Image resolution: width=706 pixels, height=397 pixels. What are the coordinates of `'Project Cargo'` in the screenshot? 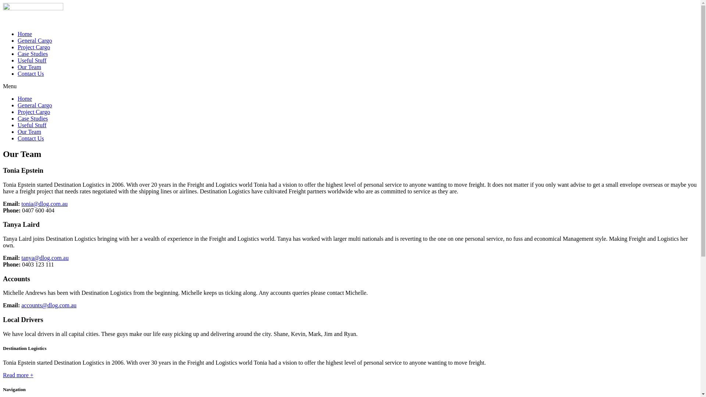 It's located at (33, 112).